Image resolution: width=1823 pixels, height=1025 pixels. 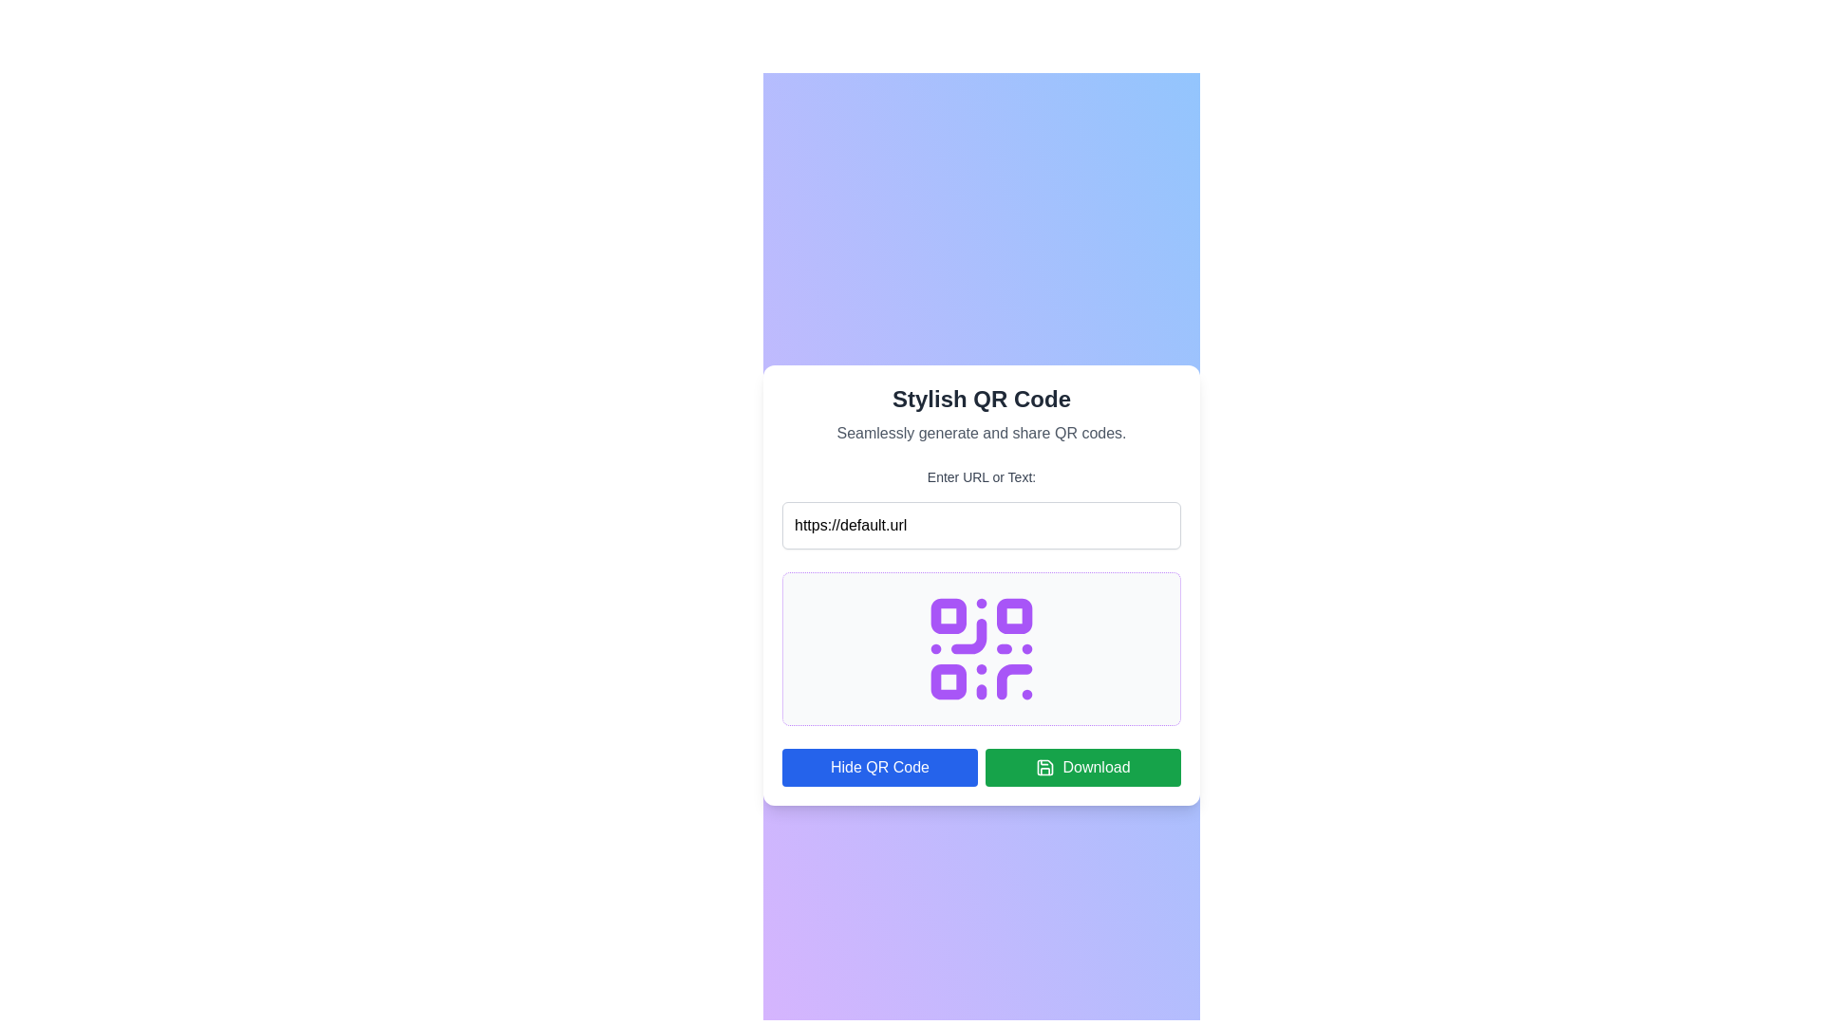 I want to click on the second button at the bottom of the interface, which allows users to download the generated QR code or associated content, so click(x=1083, y=767).